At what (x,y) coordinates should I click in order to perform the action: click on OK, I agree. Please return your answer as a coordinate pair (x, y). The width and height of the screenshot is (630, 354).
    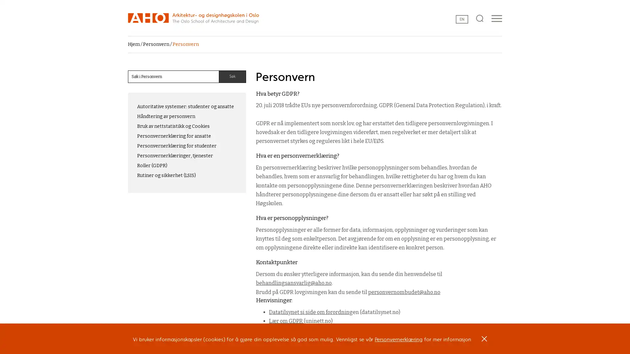
    Looking at the image, I should click on (484, 341).